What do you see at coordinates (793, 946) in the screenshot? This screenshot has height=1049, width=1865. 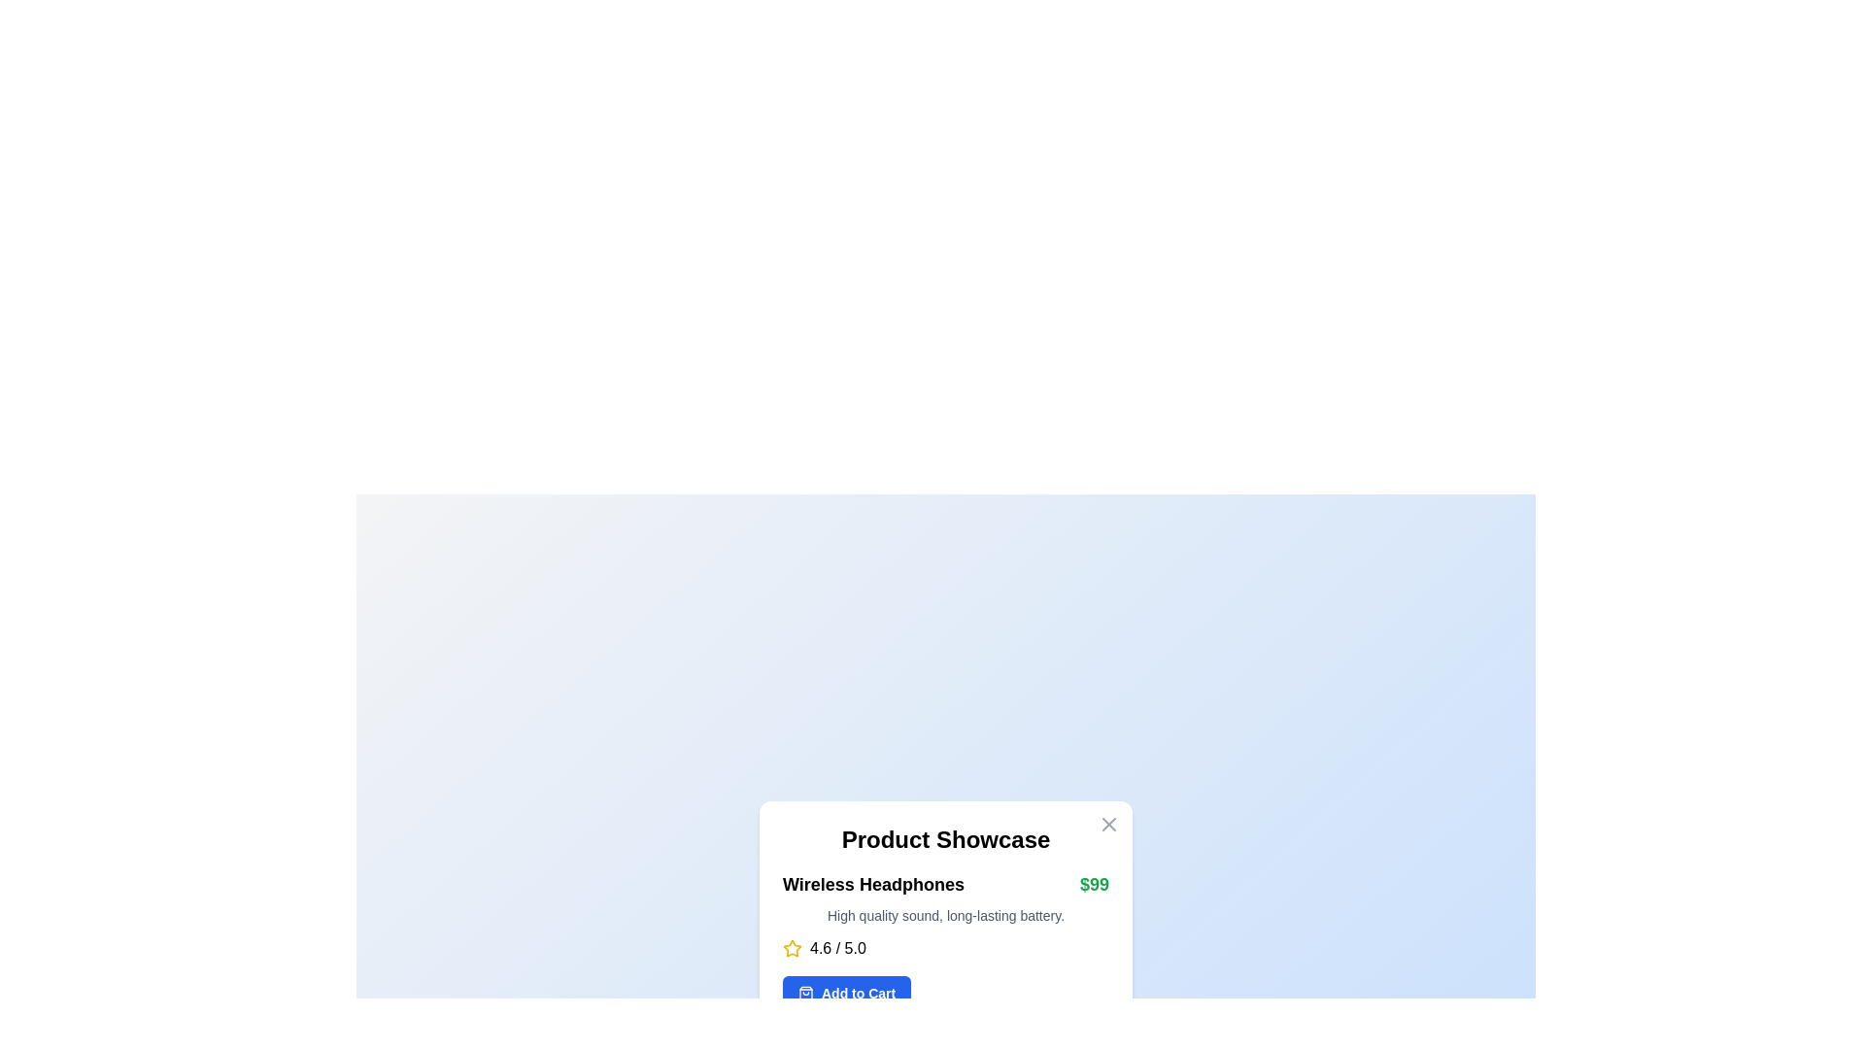 I see `the Star Icon, which represents a rating and is located to the left of the text '4.6 / 5.0' in a horizontal layout below the product title and description` at bounding box center [793, 946].